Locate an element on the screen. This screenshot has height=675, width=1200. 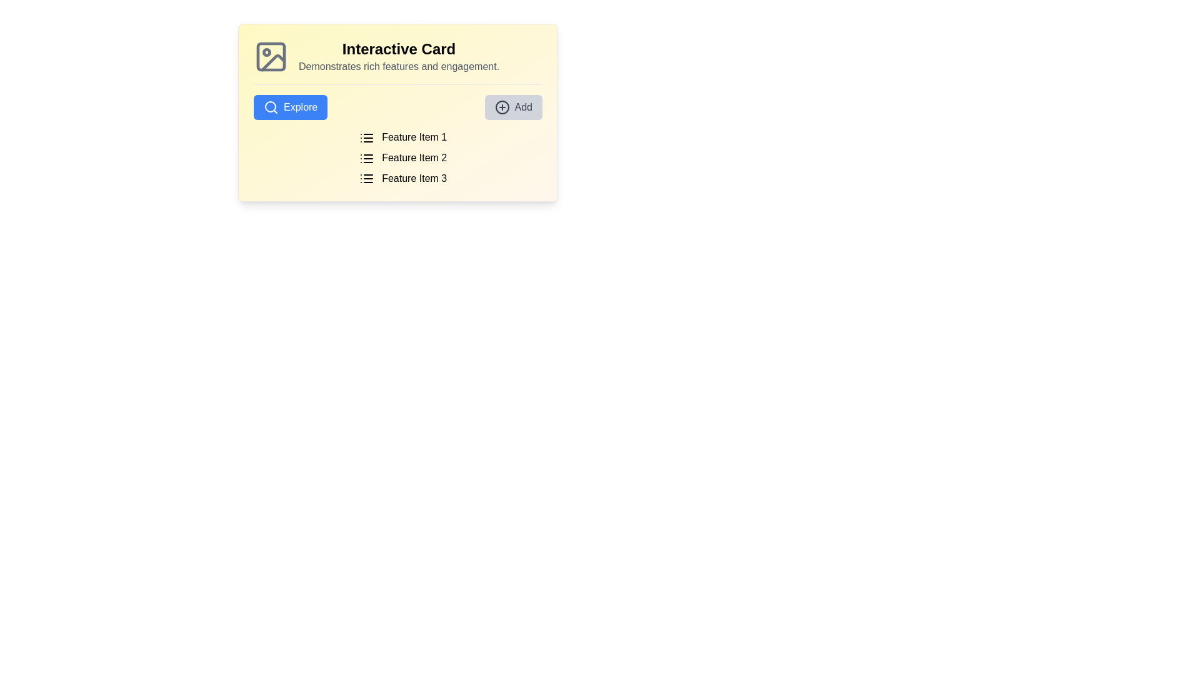
the graphical icon representing a list next to the label 'Feature Item 2' within the 'Interactive Card' section is located at coordinates (366, 157).